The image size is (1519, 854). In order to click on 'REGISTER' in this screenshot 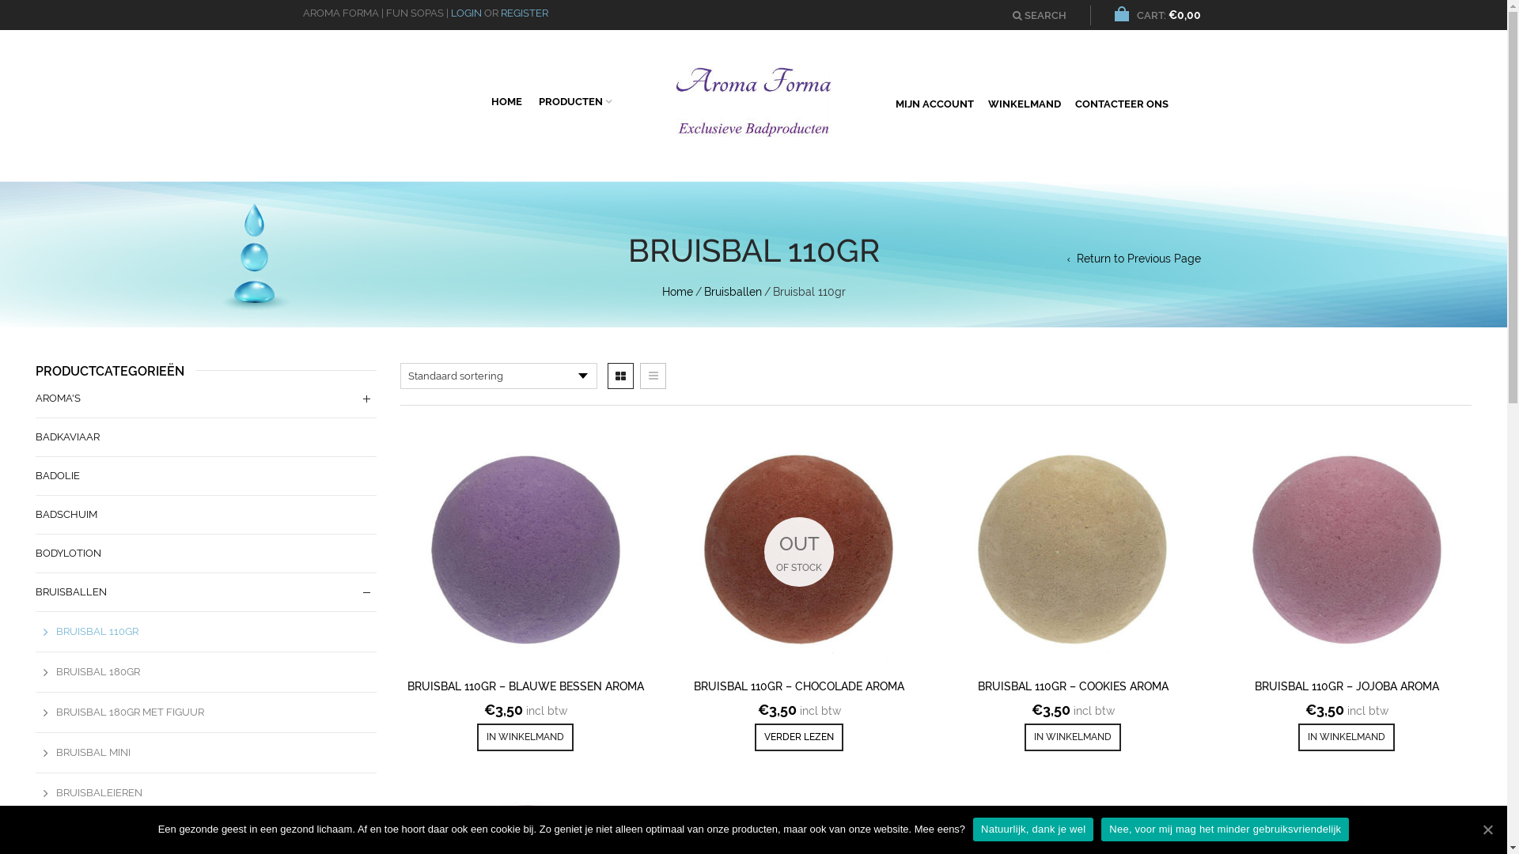, I will do `click(524, 13)`.